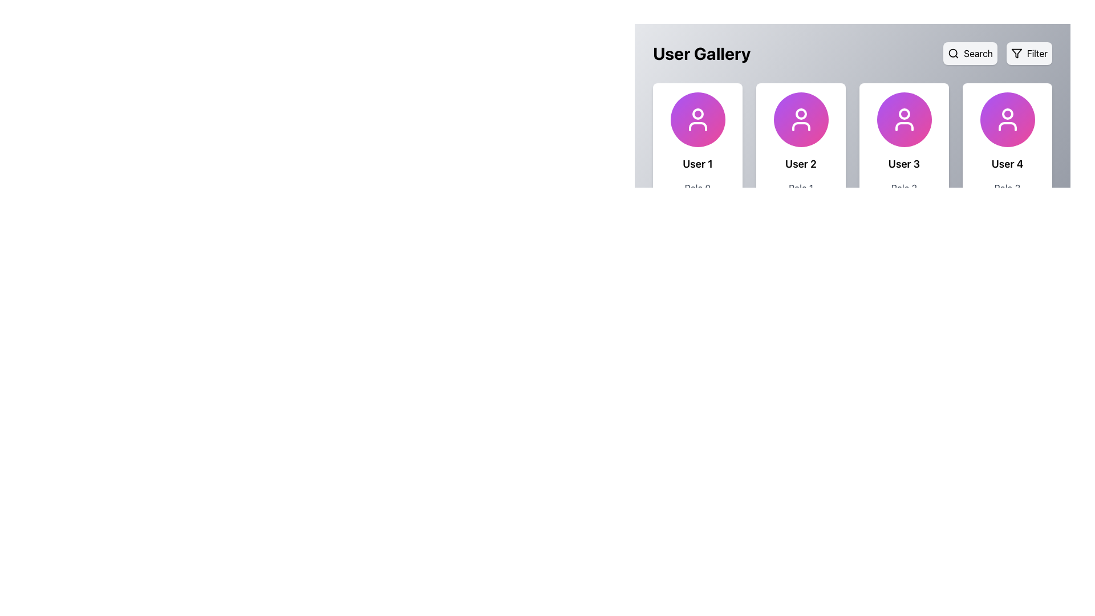 The height and width of the screenshot is (616, 1095). What do you see at coordinates (903, 188) in the screenshot?
I see `the text label displaying 'Role 2' located below the 'User 3' heading and above the 'View Profile' button in the user gallery tile` at bounding box center [903, 188].